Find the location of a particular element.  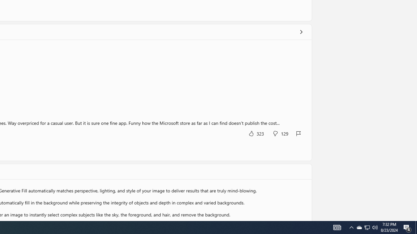

'No, this was not helpful. 129 votes.' is located at coordinates (280, 133).